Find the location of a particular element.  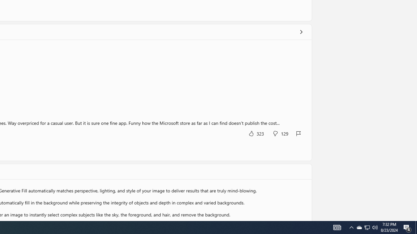

'No, this was not helpful. 129 votes.' is located at coordinates (280, 133).